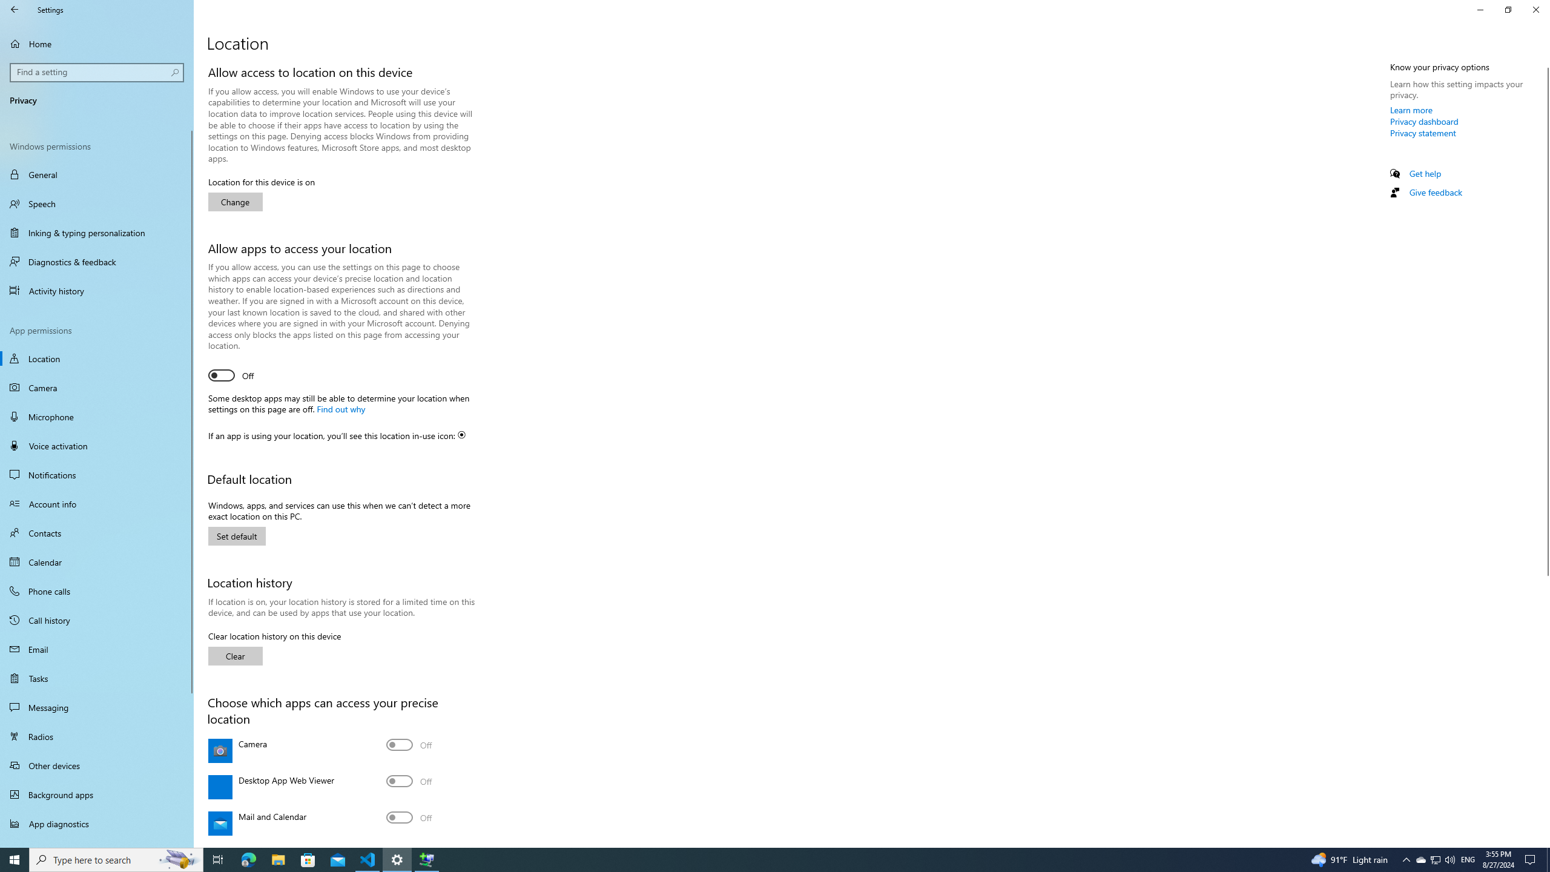 This screenshot has height=872, width=1550. Describe the element at coordinates (235, 656) in the screenshot. I see `'Clear'` at that location.